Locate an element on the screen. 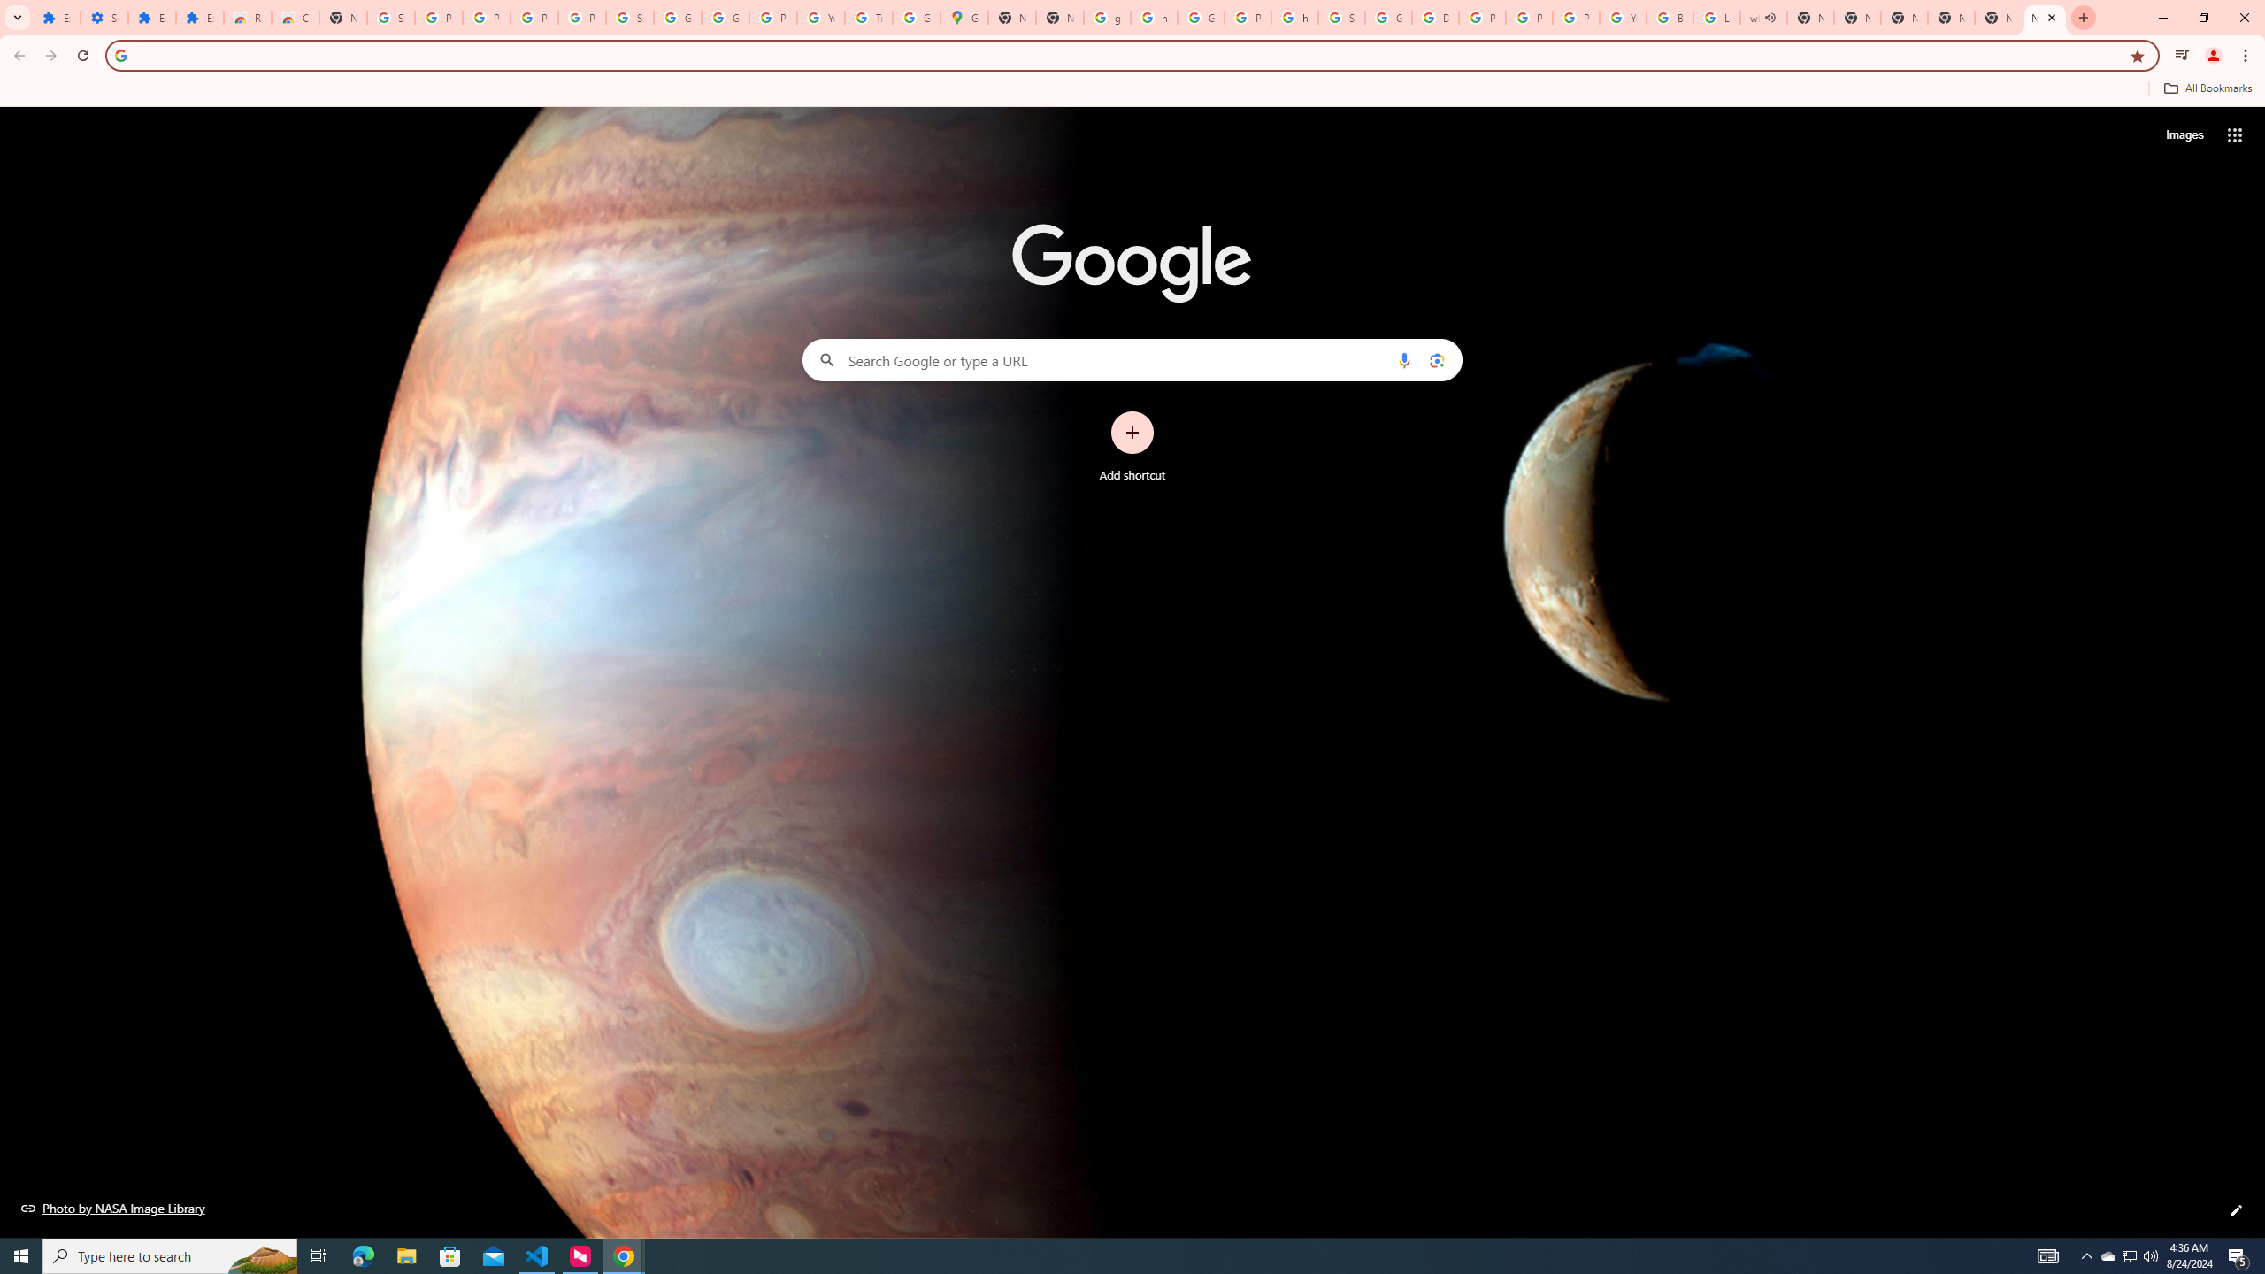  'Privacy Help Center - Policies Help' is located at coordinates (1529, 17).